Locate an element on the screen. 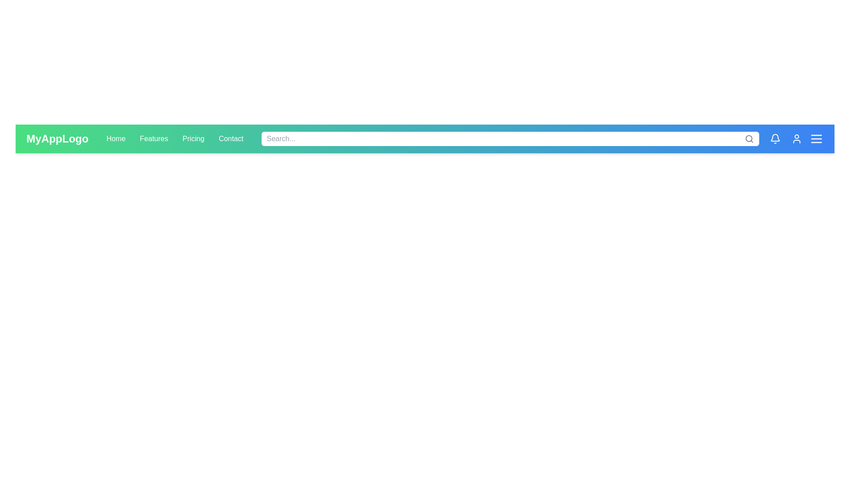 The height and width of the screenshot is (484, 860). the search icon styled as a magnifying glass located at the far right end of the search bar is located at coordinates (749, 138).